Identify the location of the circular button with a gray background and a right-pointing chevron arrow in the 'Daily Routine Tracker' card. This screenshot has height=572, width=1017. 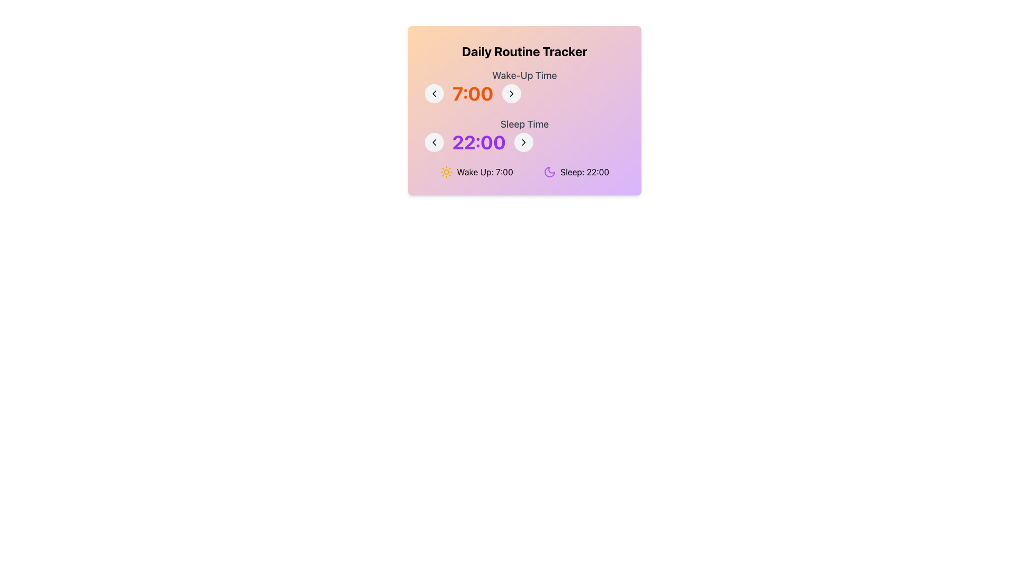
(511, 93).